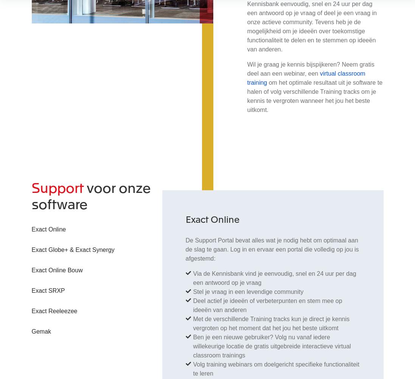 The image size is (415, 379). I want to click on 'Exact Reeleezee', so click(54, 310).